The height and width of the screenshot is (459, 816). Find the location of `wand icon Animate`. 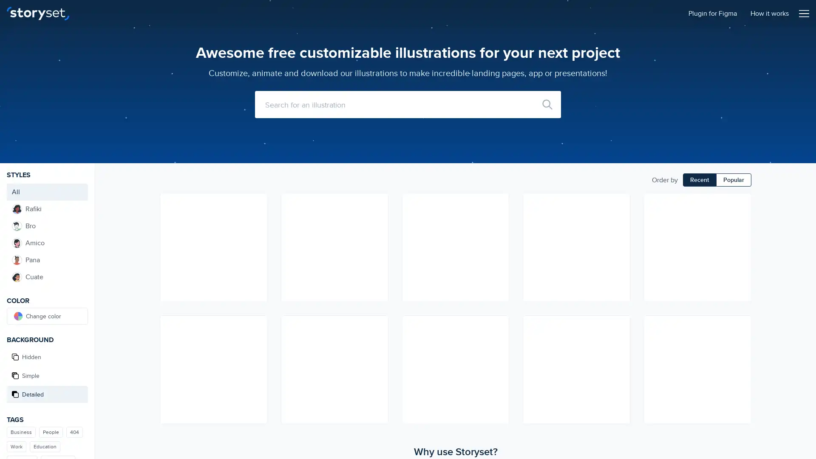

wand icon Animate is located at coordinates (377, 204).